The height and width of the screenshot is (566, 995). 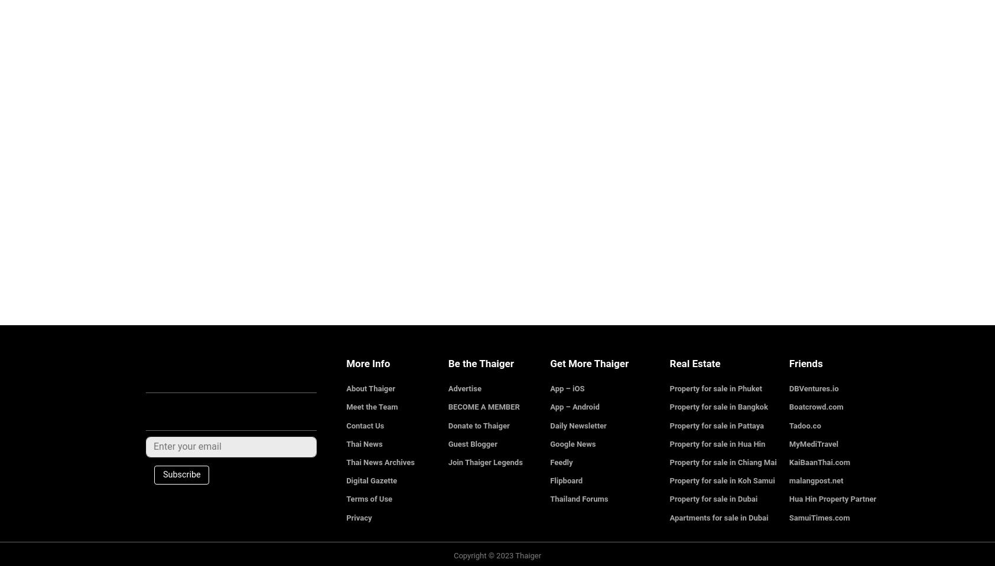 What do you see at coordinates (209, 138) in the screenshot?
I see `'Can expats get a loan in Thailand?'` at bounding box center [209, 138].